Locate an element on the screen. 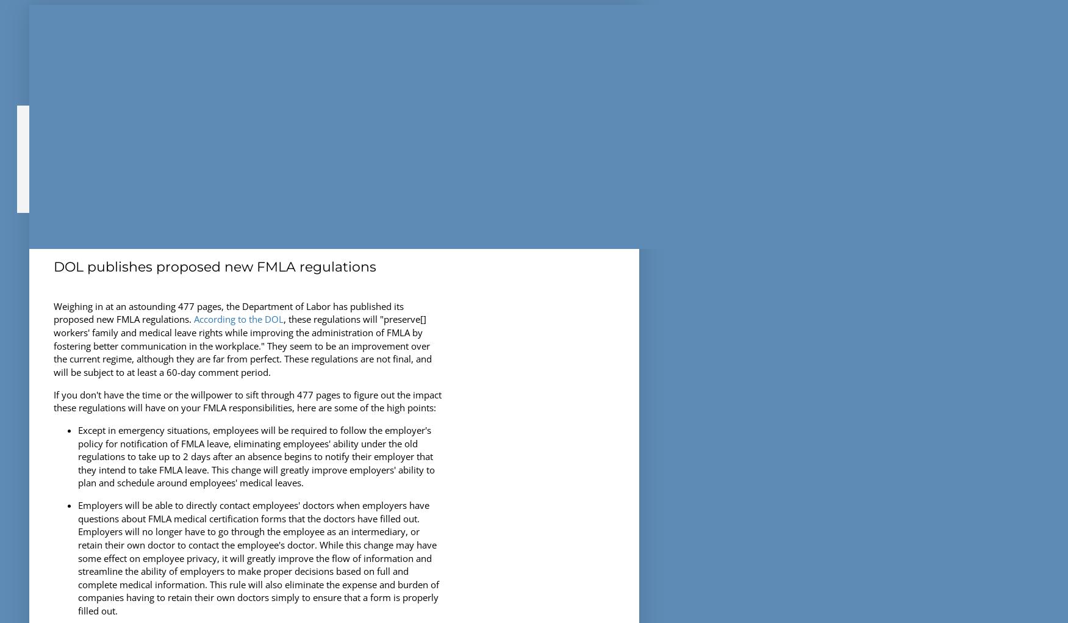 The image size is (1068, 623). ', these regulations will "preserve[] workers' family and medical leave rights while improving the administration of FMLA by fostering better communication in the workplace." They seem to be an improvement over the current regime, although they are far from perfect. These regulations are not final, and will be subject to at least a 60-day comment period.' is located at coordinates (53, 345).